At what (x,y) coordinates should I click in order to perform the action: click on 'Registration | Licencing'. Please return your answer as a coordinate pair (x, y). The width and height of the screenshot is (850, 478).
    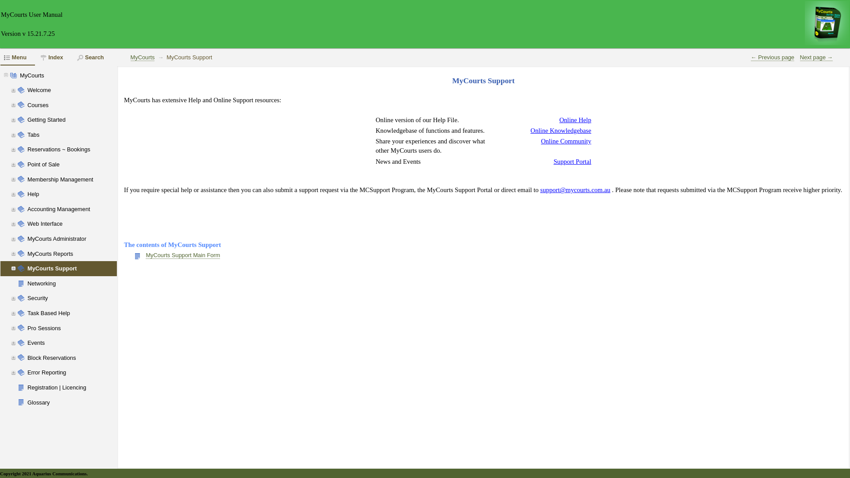
    Looking at the image, I should click on (27, 387).